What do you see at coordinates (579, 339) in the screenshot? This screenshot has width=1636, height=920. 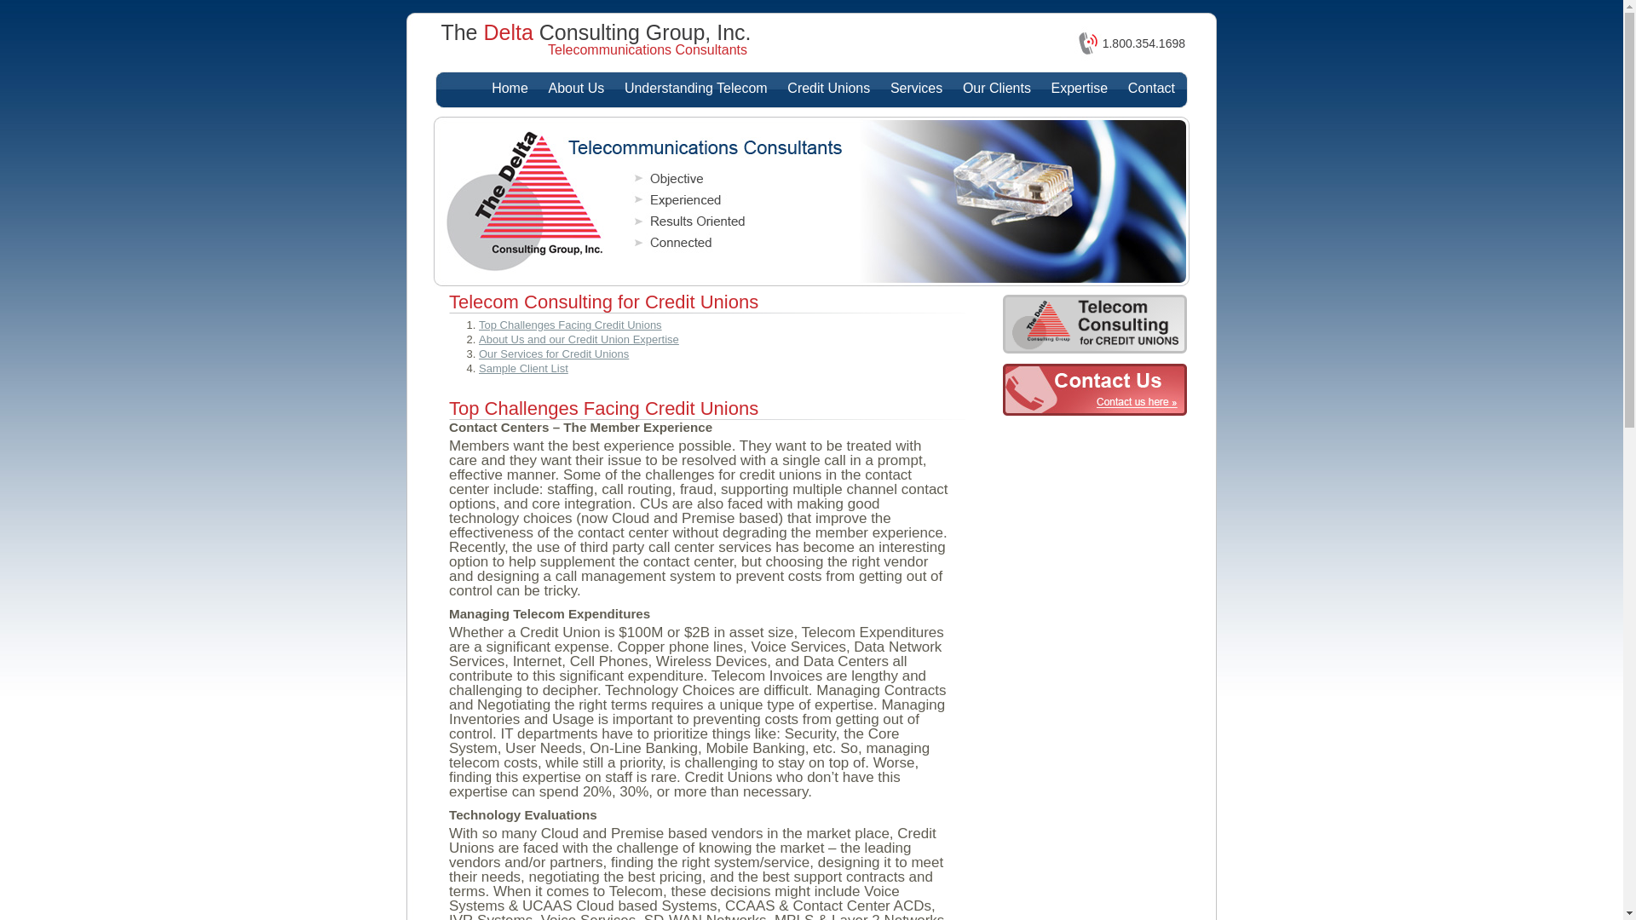 I see `'About Us and our Credit Union Expertise'` at bounding box center [579, 339].